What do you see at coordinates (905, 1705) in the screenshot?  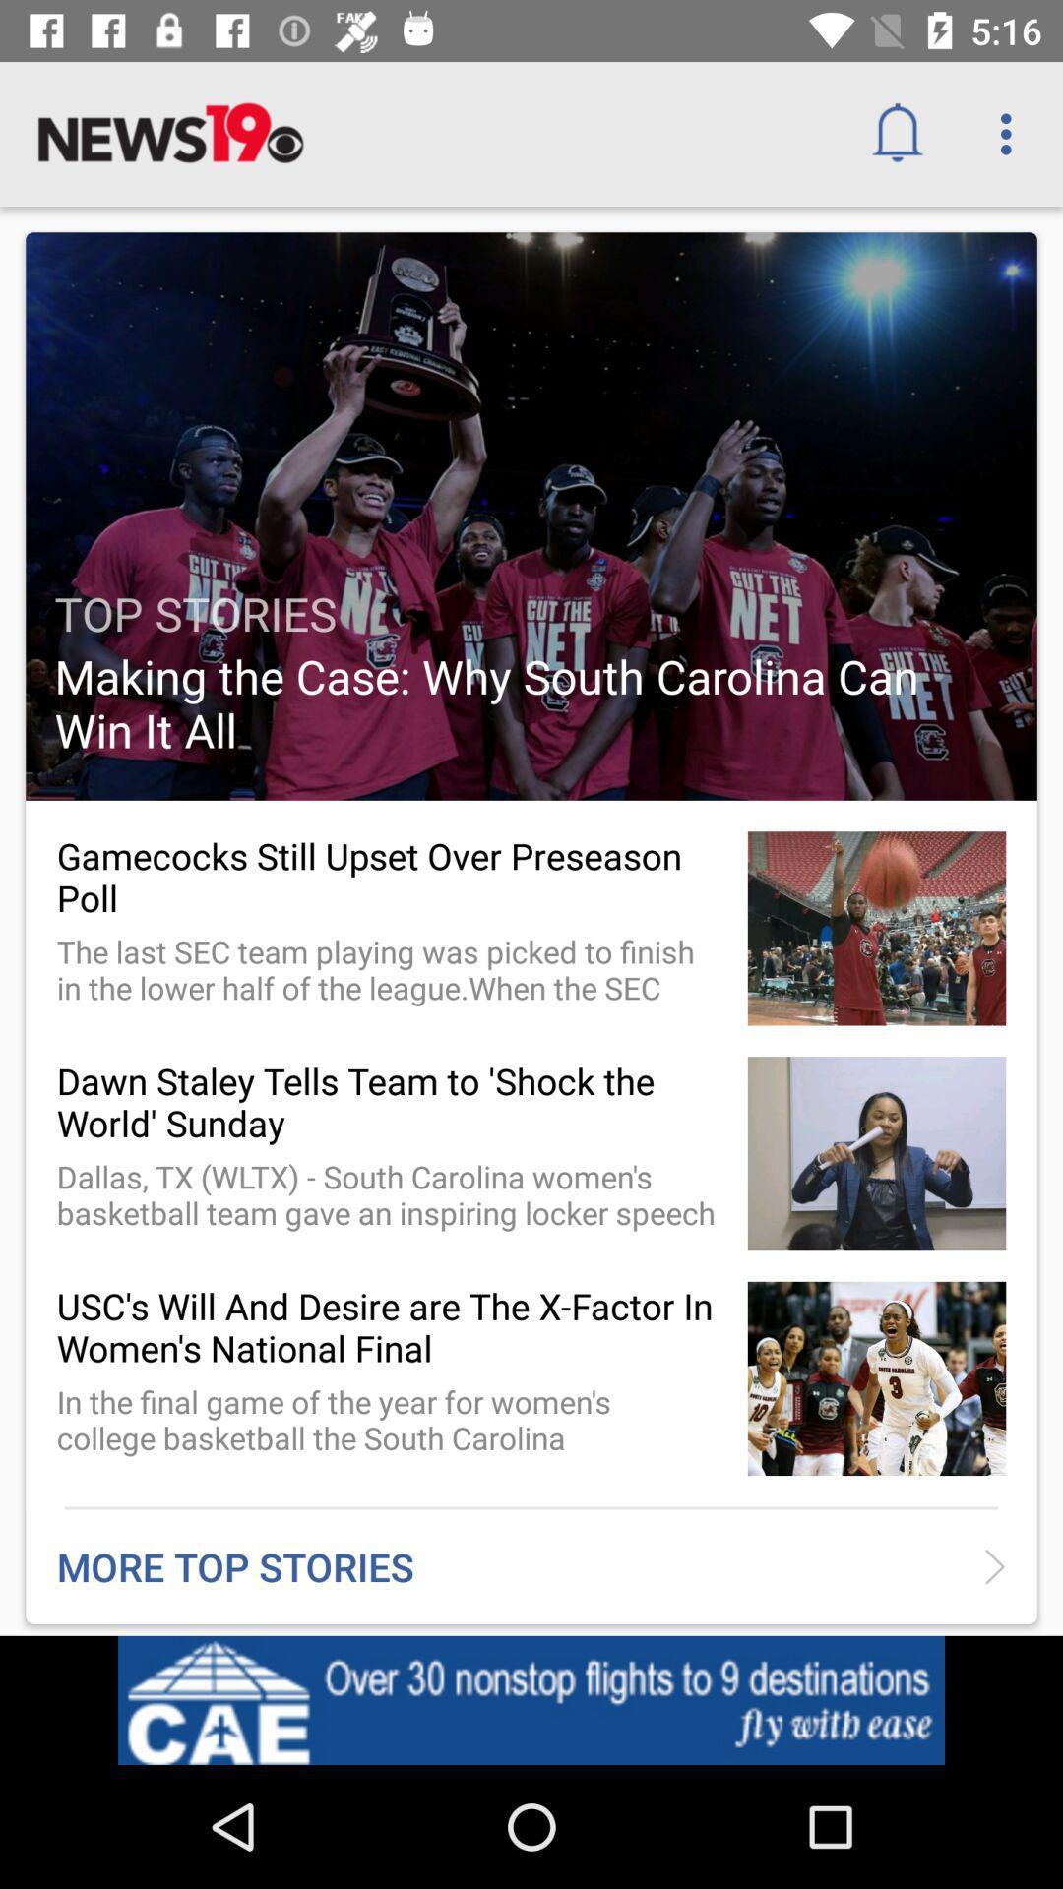 I see `icon to the right of the san francisco icon` at bounding box center [905, 1705].